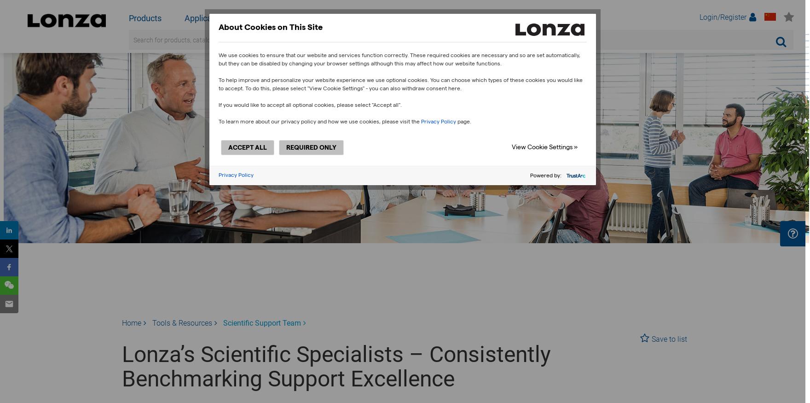  Describe the element at coordinates (12, 249) in the screenshot. I see `'Tweet'` at that location.